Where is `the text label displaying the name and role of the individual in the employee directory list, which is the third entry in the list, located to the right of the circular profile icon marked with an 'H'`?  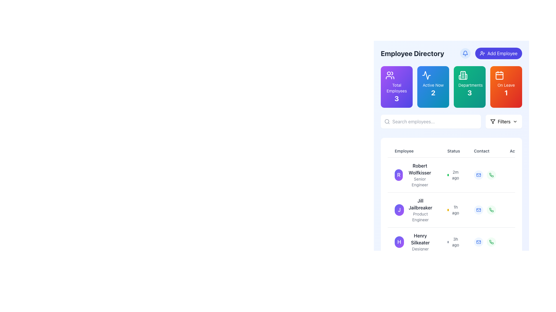
the text label displaying the name and role of the individual in the employee directory list, which is the third entry in the list, located to the right of the circular profile icon marked with an 'H' is located at coordinates (420, 242).